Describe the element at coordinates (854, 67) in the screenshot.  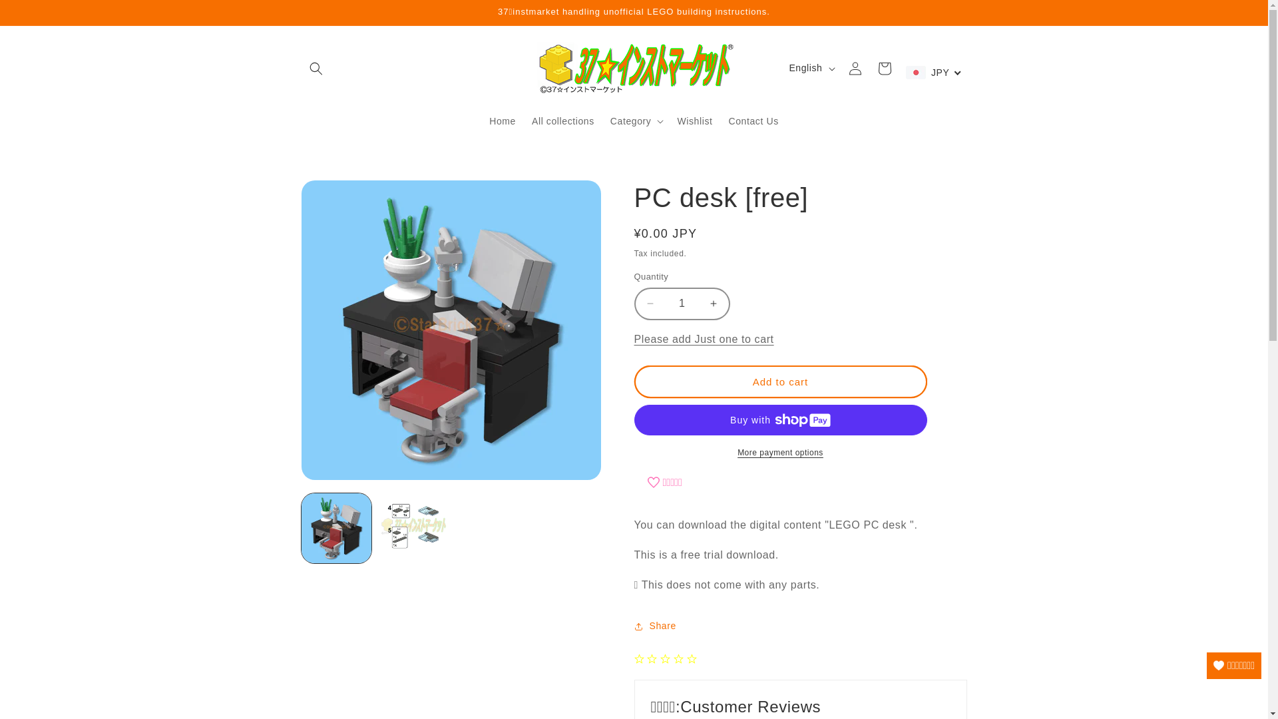
I see `'Log in'` at that location.